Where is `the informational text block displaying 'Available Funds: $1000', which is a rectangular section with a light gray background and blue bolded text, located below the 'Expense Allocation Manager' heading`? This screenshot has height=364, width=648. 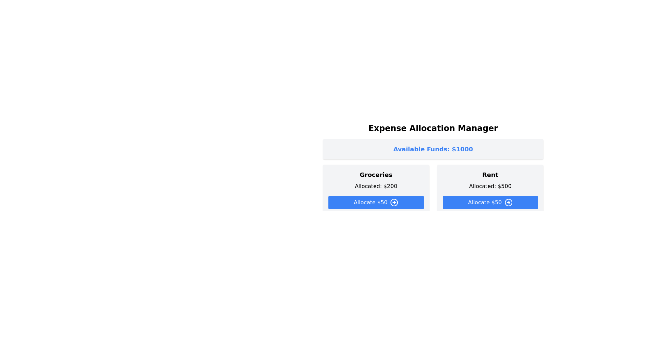
the informational text block displaying 'Available Funds: $1000', which is a rectangular section with a light gray background and blue bolded text, located below the 'Expense Allocation Manager' heading is located at coordinates (433, 149).